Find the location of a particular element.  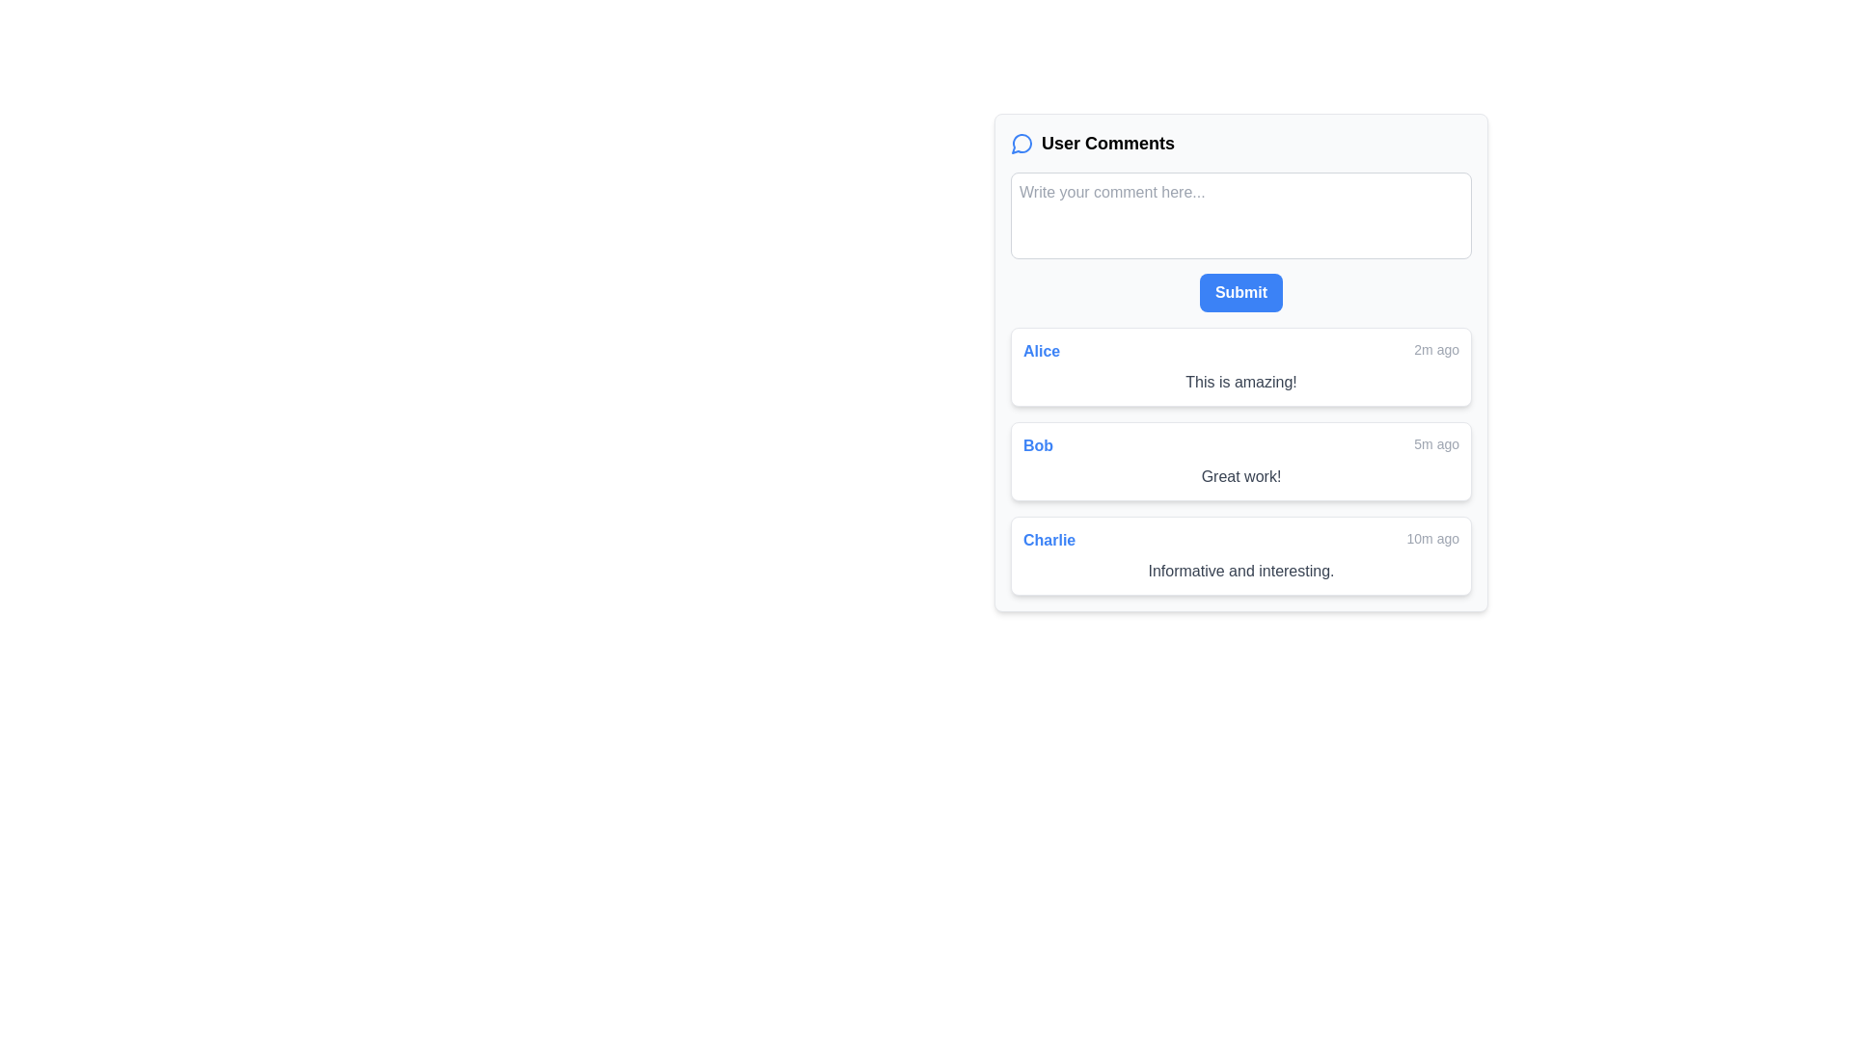

the user identifier text display located in the bottom-most comment box of the 'User Comments' section is located at coordinates (1049, 540).